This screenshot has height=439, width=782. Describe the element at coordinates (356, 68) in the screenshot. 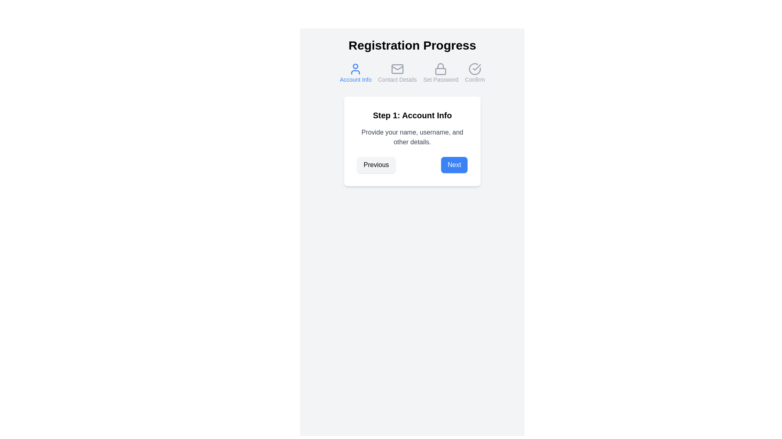

I see `the 'Account Info' icon, which is the first in a horizontal sequence of four icons at the top of the registration interface, positioned to the left of the 'Contact Details' icon` at that location.